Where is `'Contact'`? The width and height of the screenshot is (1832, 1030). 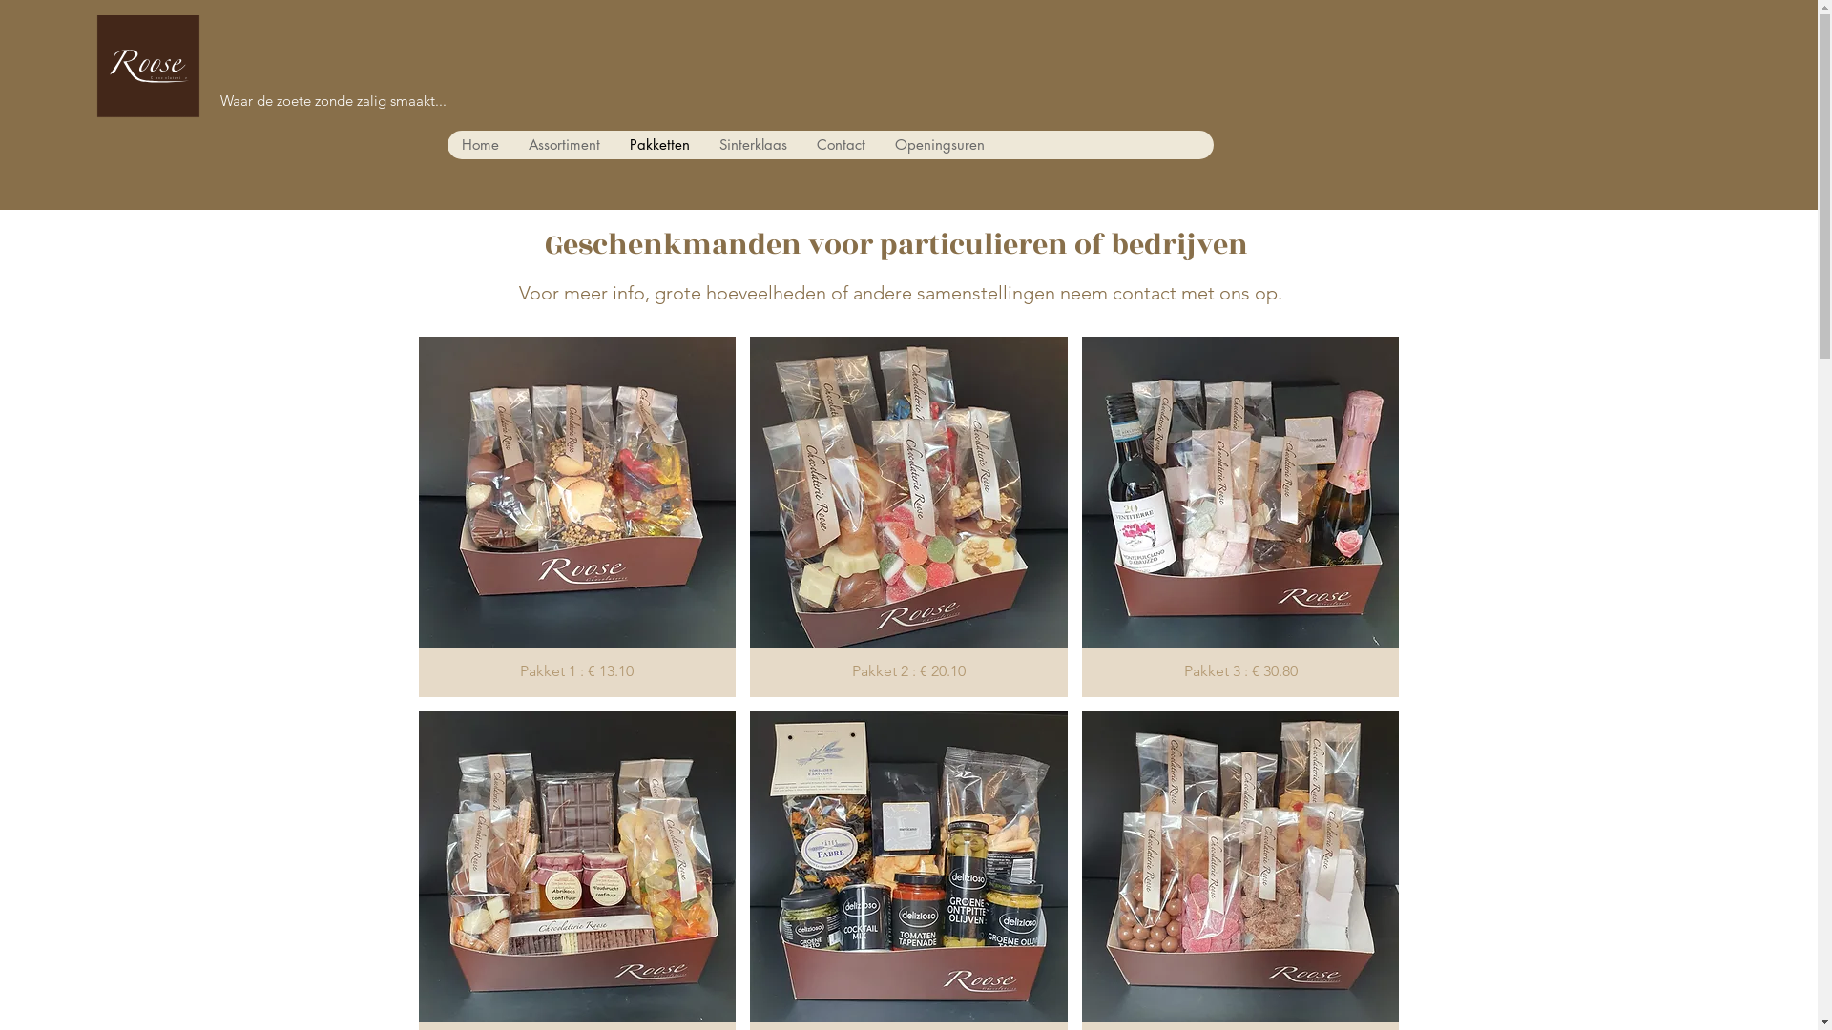
'Contact' is located at coordinates (801, 143).